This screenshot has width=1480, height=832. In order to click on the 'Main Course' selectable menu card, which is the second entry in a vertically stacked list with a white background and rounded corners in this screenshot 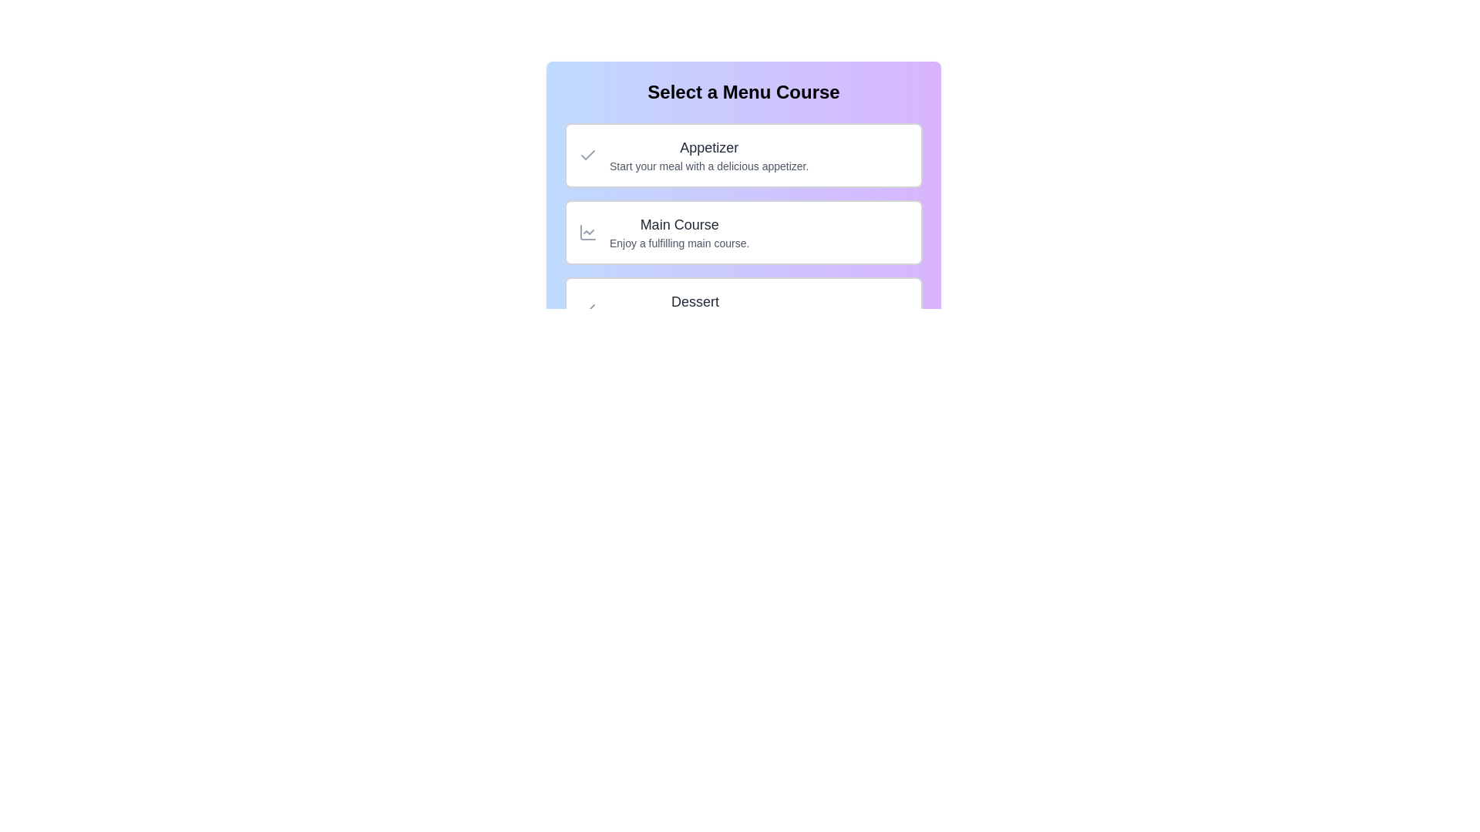, I will do `click(743, 232)`.